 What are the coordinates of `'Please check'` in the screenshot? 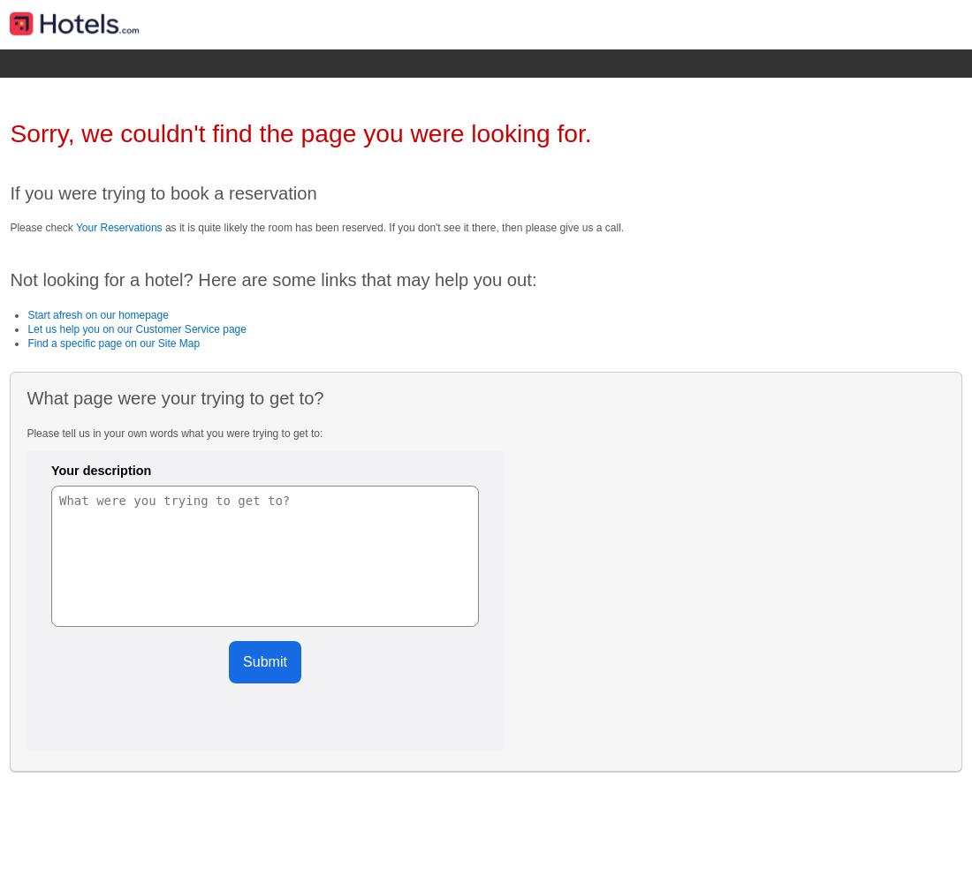 It's located at (41, 227).